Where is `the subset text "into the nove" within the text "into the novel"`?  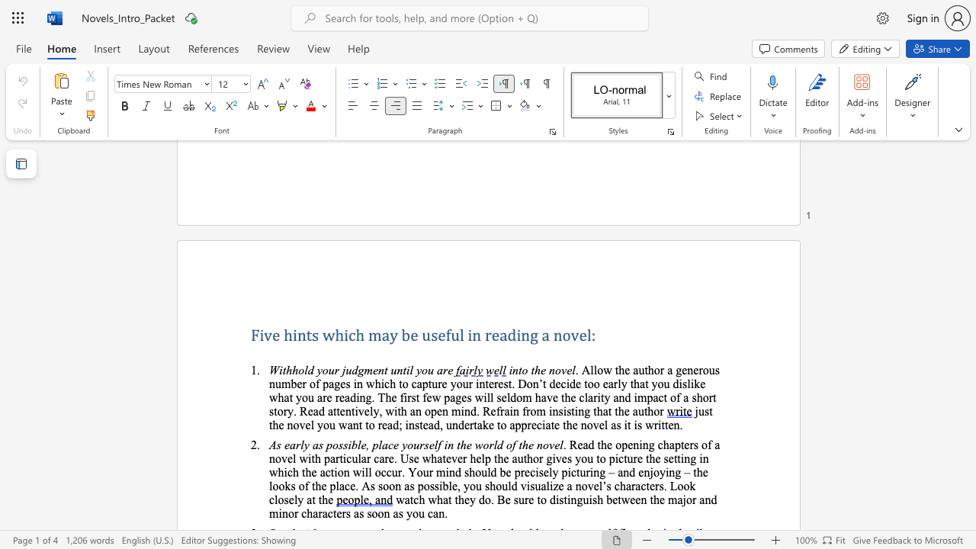
the subset text "into the nove" within the text "into the novel" is located at coordinates (509, 370).